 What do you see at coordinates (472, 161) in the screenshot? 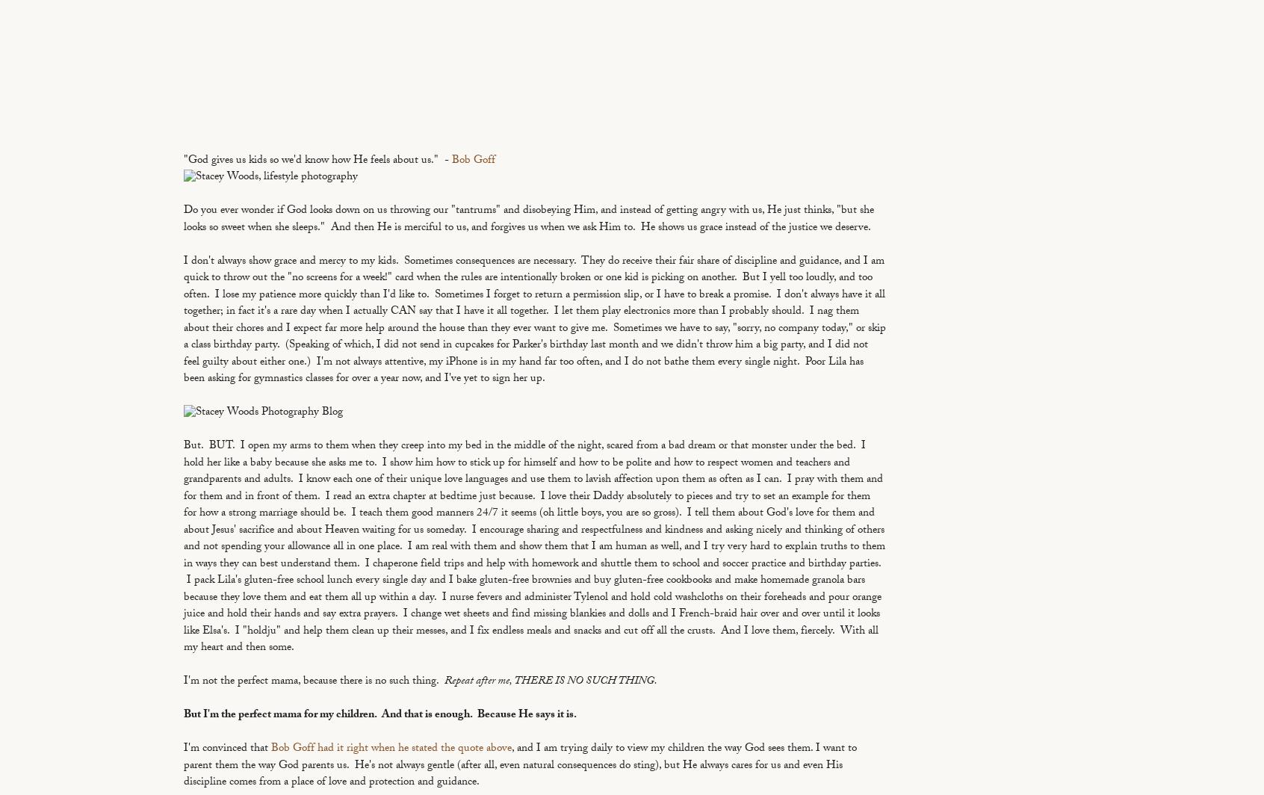
I see `'Bob Goff'` at bounding box center [472, 161].